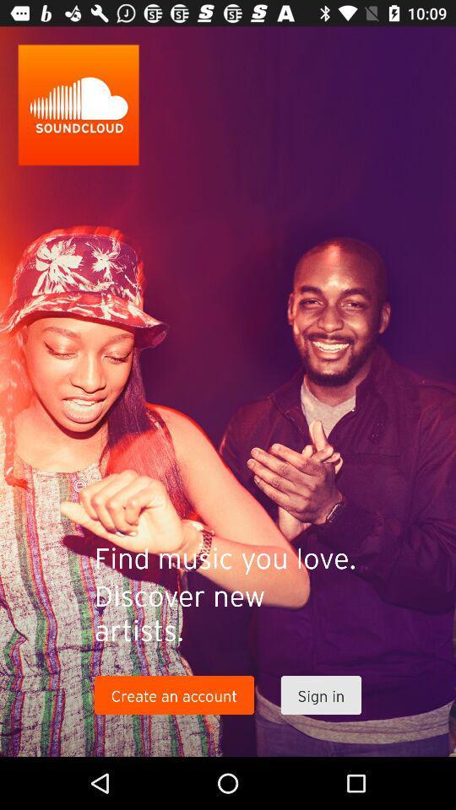 The image size is (456, 810). What do you see at coordinates (321, 695) in the screenshot?
I see `the icon next to create an account icon` at bounding box center [321, 695].